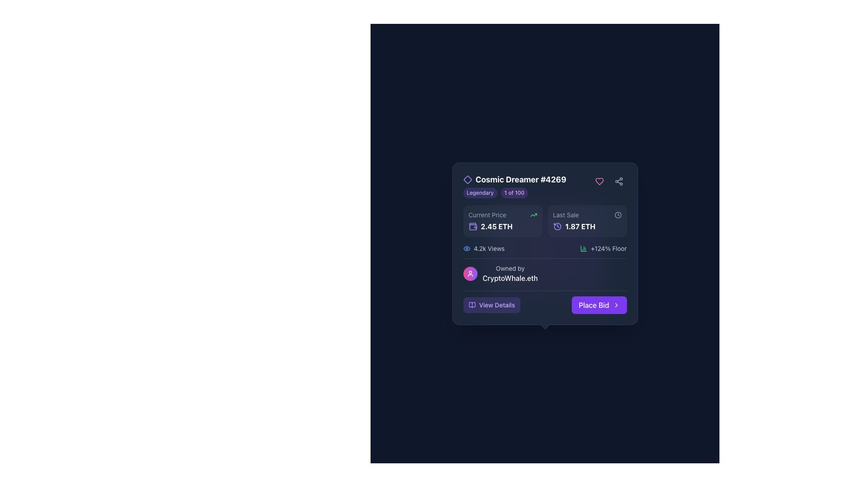 The height and width of the screenshot is (477, 849). I want to click on the label that serves as a badge or descriptor located directly below the title 'Cosmic Dreamer #4269' within the highlighted card interface, so click(515, 192).